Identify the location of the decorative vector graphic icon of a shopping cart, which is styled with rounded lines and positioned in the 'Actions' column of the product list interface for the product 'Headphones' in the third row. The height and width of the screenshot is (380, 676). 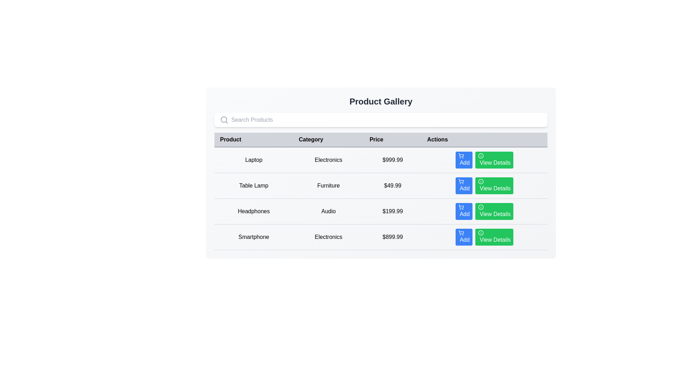
(461, 206).